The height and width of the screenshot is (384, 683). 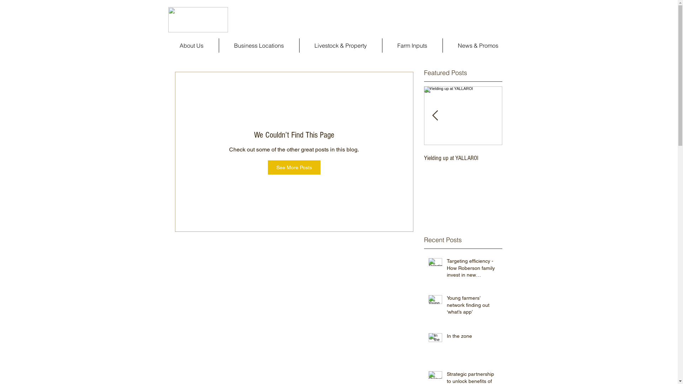 I want to click on 'Livestock & Property', so click(x=299, y=45).